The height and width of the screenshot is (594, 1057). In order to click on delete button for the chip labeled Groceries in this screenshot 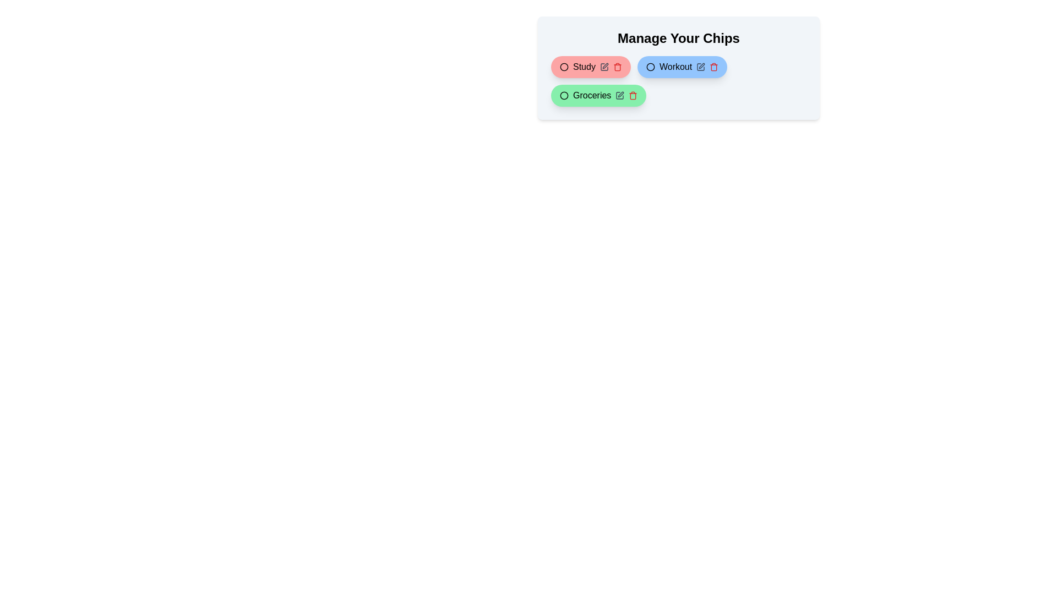, I will do `click(633, 95)`.